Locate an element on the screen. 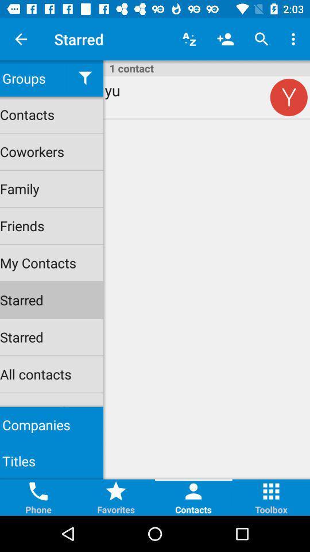 The width and height of the screenshot is (310, 552). the filter icon is located at coordinates (84, 78).